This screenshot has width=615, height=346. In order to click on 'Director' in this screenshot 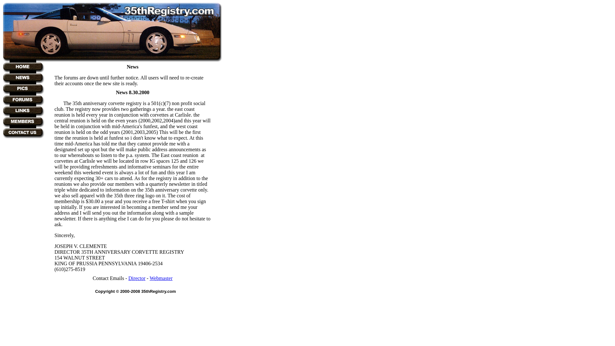, I will do `click(128, 278)`.